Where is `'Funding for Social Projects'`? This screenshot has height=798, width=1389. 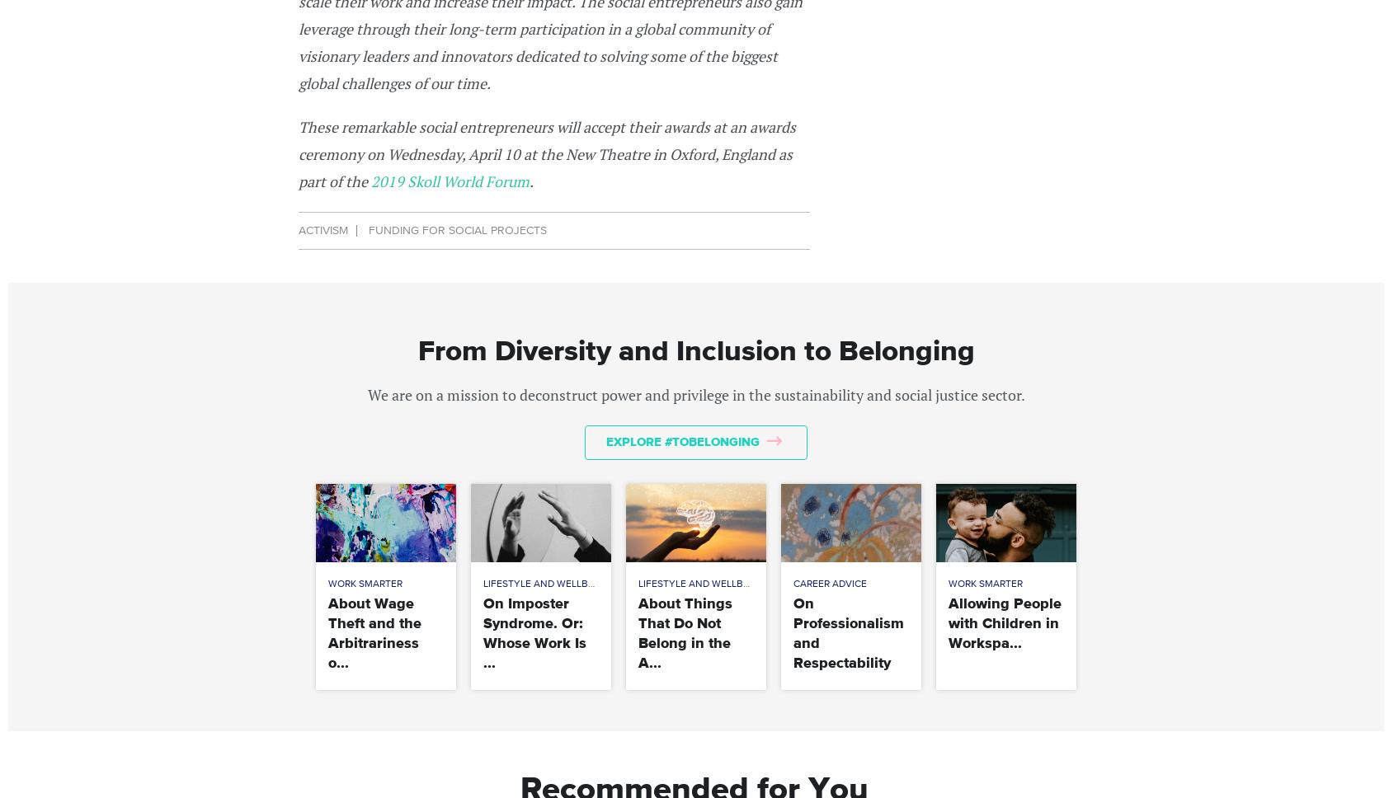
'Funding for Social Projects' is located at coordinates (367, 229).